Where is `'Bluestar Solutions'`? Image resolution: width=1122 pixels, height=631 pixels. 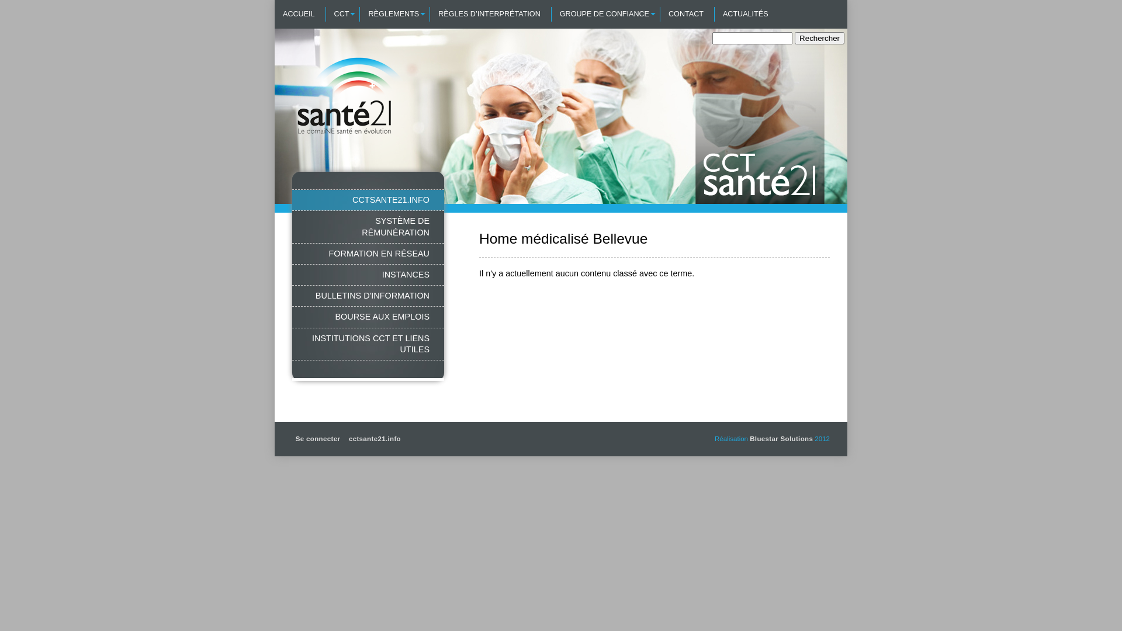
'Bluestar Solutions' is located at coordinates (781, 439).